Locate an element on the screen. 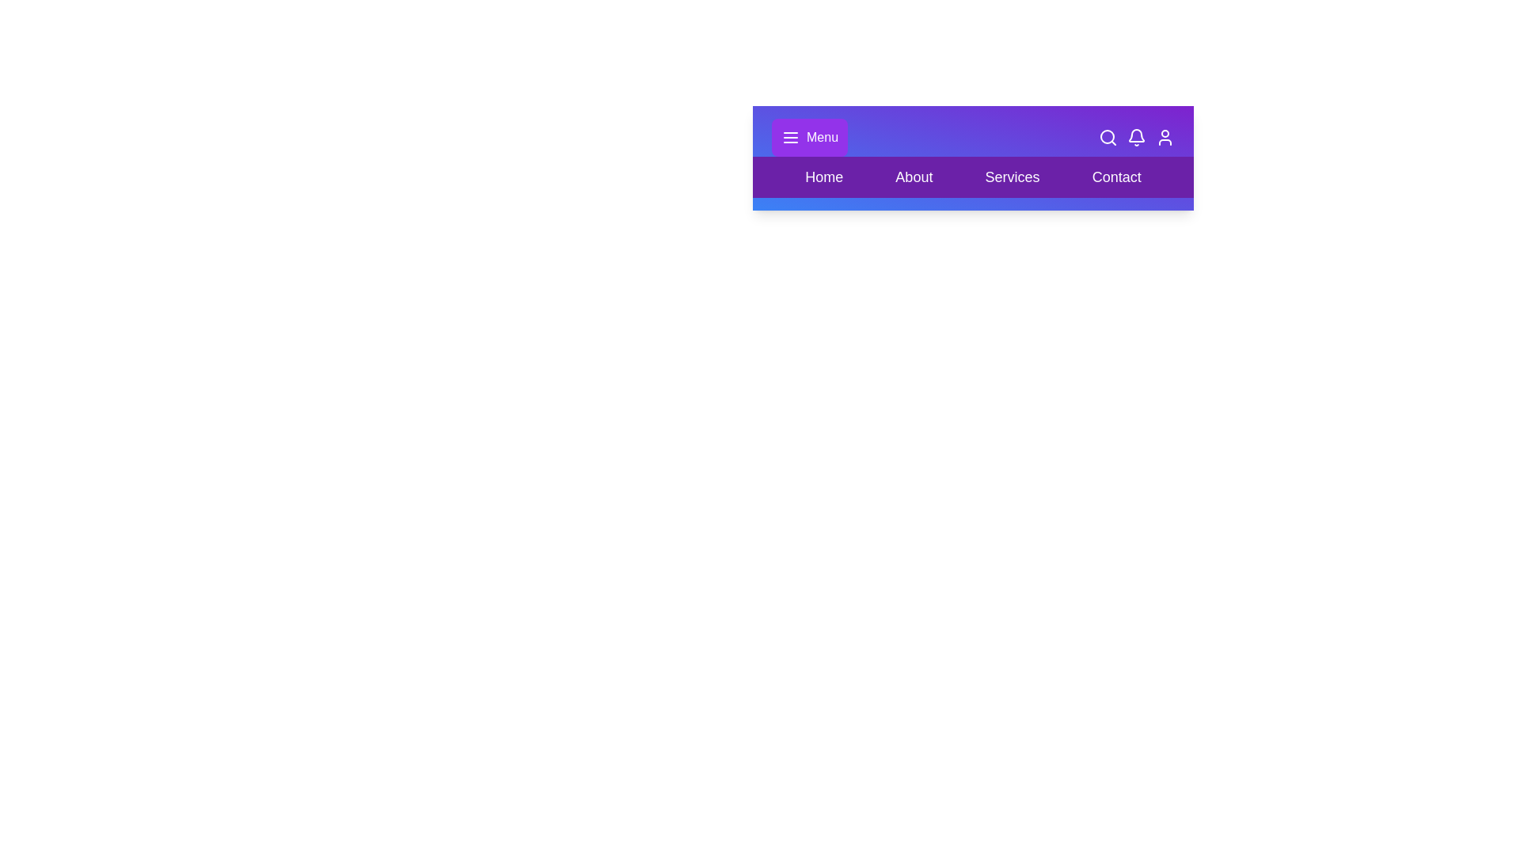  the element Contact to highlight it is located at coordinates (1115, 177).